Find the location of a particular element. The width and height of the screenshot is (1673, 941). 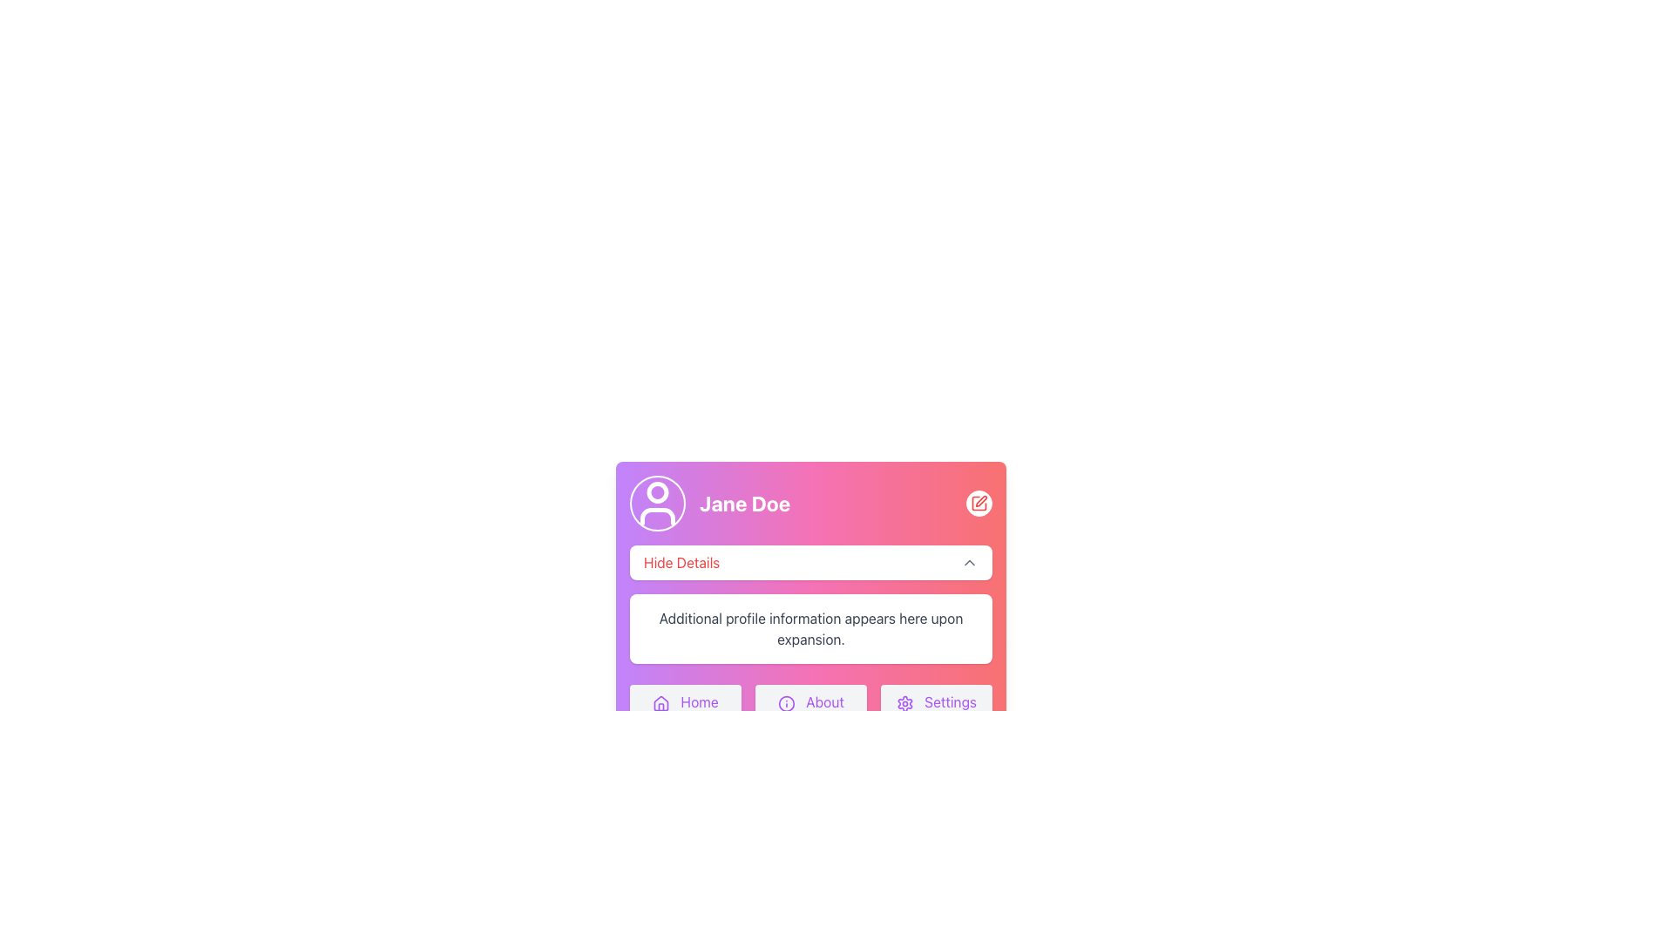

the gear icon within the 'Settings' button located in the bottom right corner of the profile card is located at coordinates (904, 702).